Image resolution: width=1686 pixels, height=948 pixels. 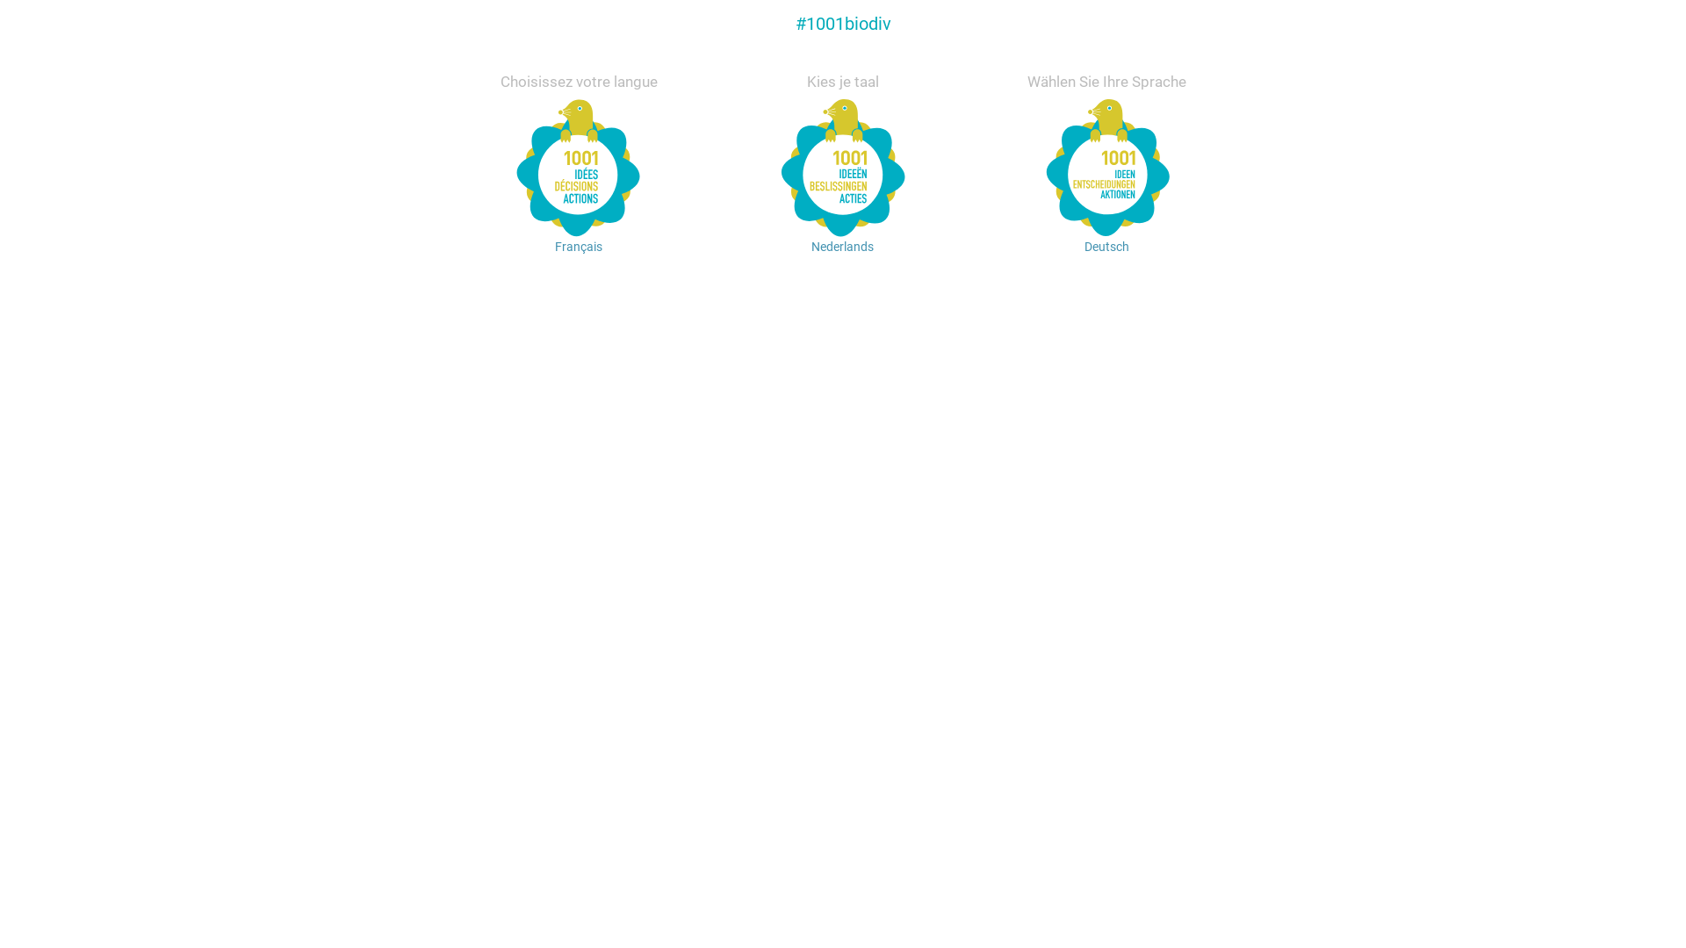 I want to click on 'Nederlands', so click(x=843, y=205).